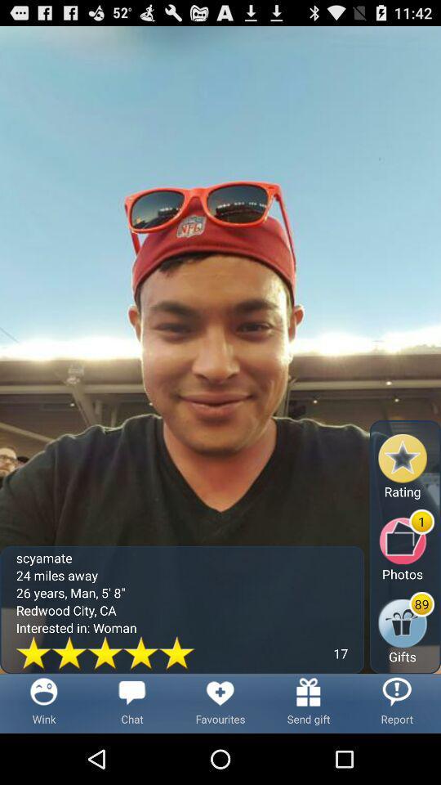 Image resolution: width=441 pixels, height=785 pixels. What do you see at coordinates (309, 702) in the screenshot?
I see `button to the right of favourites button` at bounding box center [309, 702].